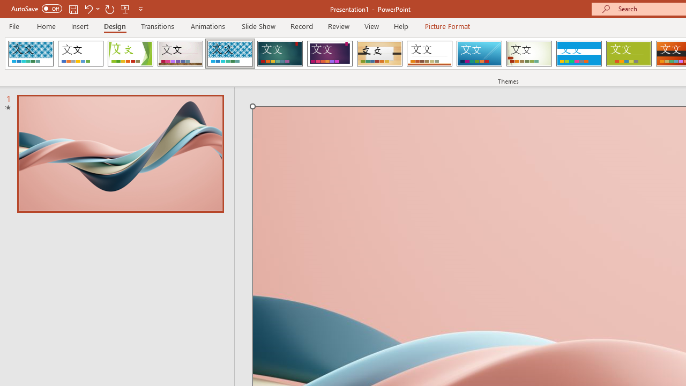 This screenshot has height=386, width=686. I want to click on 'Retrospect', so click(429, 54).